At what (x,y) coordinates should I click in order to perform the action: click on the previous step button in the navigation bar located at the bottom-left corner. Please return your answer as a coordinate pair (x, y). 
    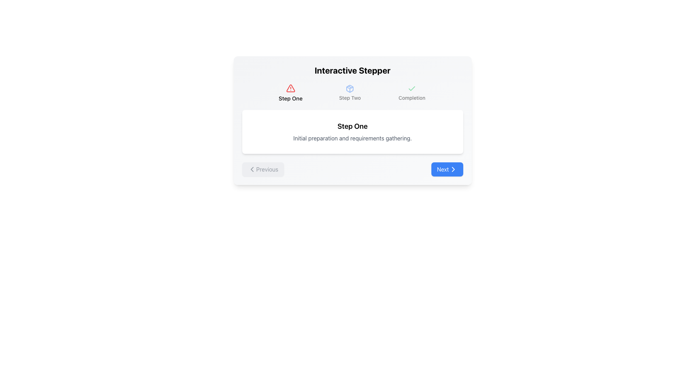
    Looking at the image, I should click on (262, 169).